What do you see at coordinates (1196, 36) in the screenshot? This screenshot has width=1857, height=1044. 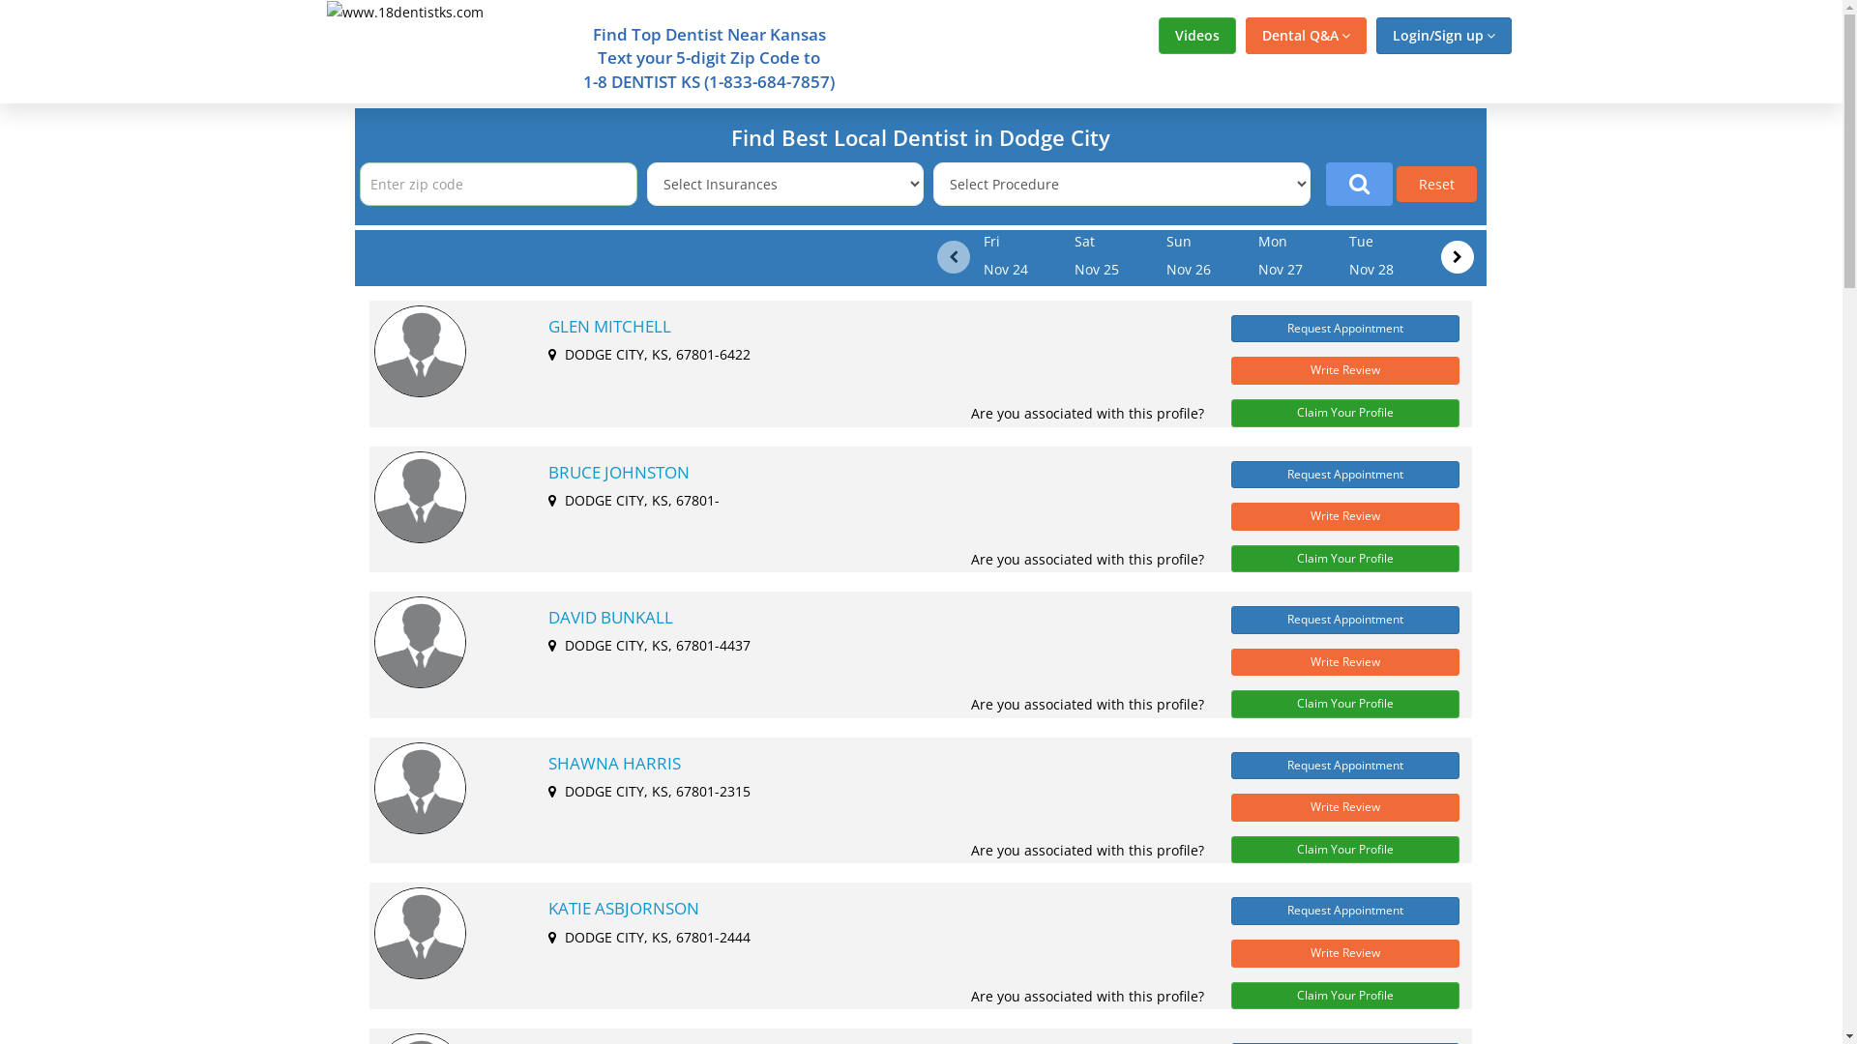 I see `'Videos'` at bounding box center [1196, 36].